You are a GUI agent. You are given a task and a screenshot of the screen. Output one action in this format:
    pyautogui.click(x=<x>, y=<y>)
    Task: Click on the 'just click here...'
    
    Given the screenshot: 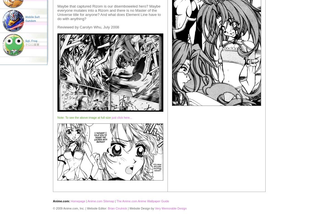 What is the action you would take?
    pyautogui.click(x=121, y=117)
    